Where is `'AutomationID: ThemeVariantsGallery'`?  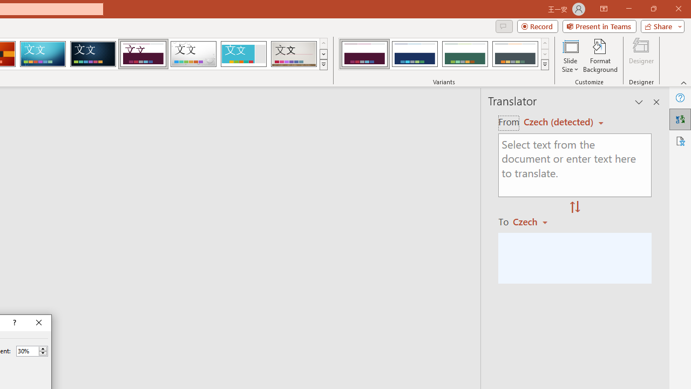
'AutomationID: ThemeVariantsGallery' is located at coordinates (444, 54).